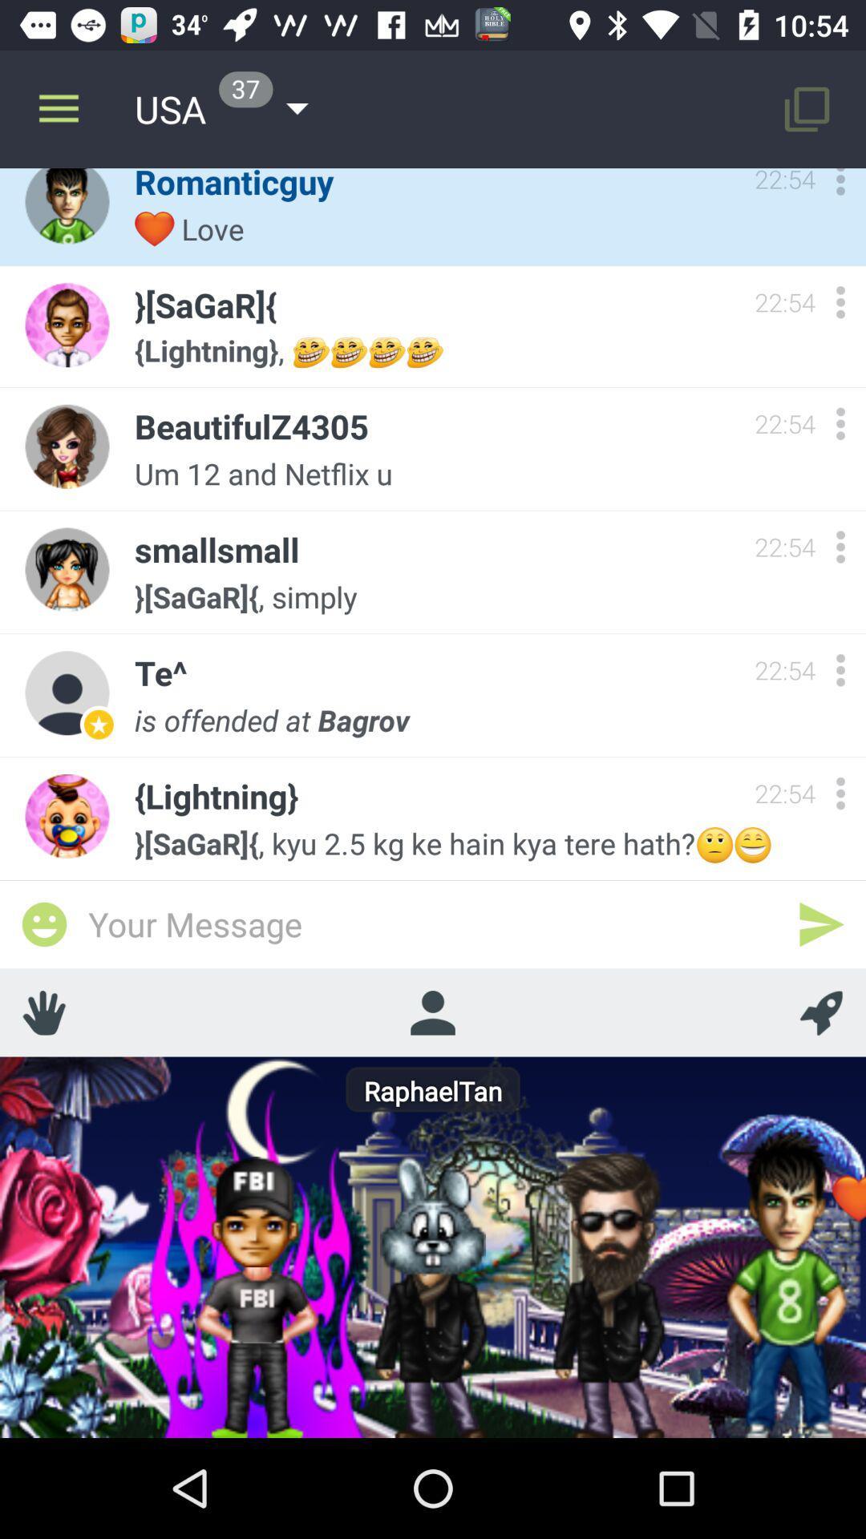  I want to click on the more icon, so click(840, 793).